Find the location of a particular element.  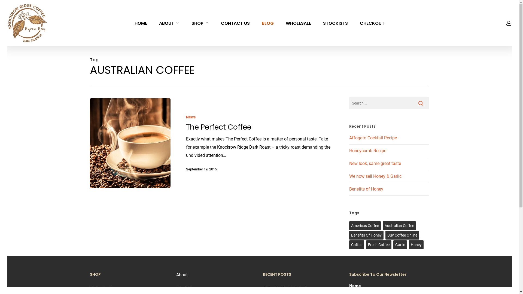

'News' is located at coordinates (186, 117).